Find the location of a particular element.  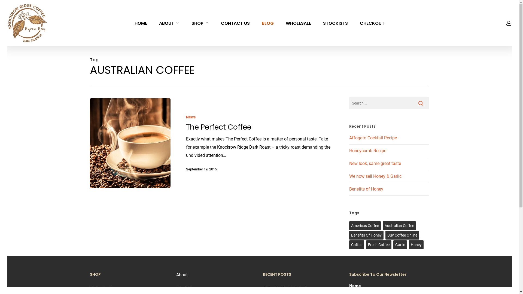

'News' is located at coordinates (186, 117).